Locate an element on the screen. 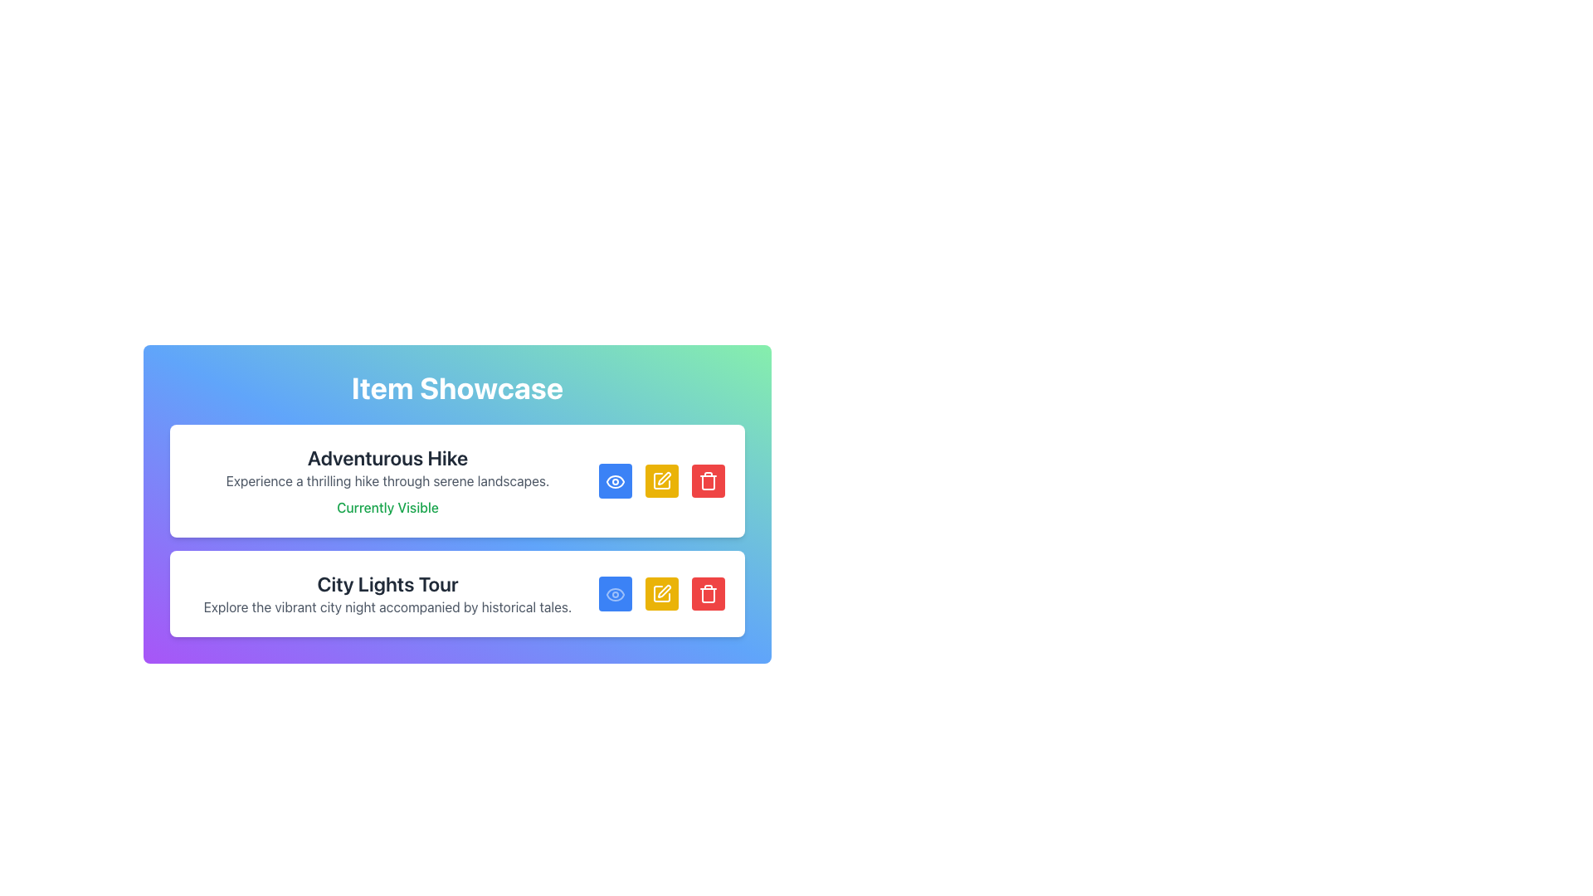  the Text Label indicating the visibility status of the related activity or feature located at the bottom of the card titled 'Adventurous Hike' is located at coordinates (387, 507).